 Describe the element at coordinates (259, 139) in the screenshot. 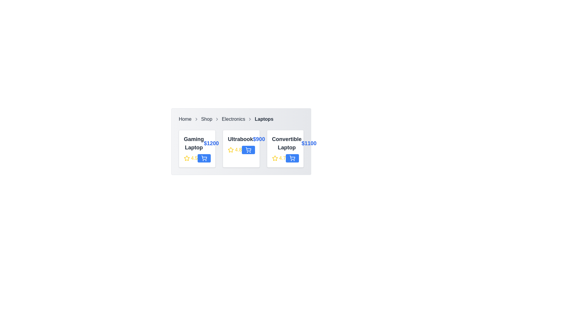

I see `the price text displaying the product 'Ultrabook' located in the rightmost position within its card` at that location.